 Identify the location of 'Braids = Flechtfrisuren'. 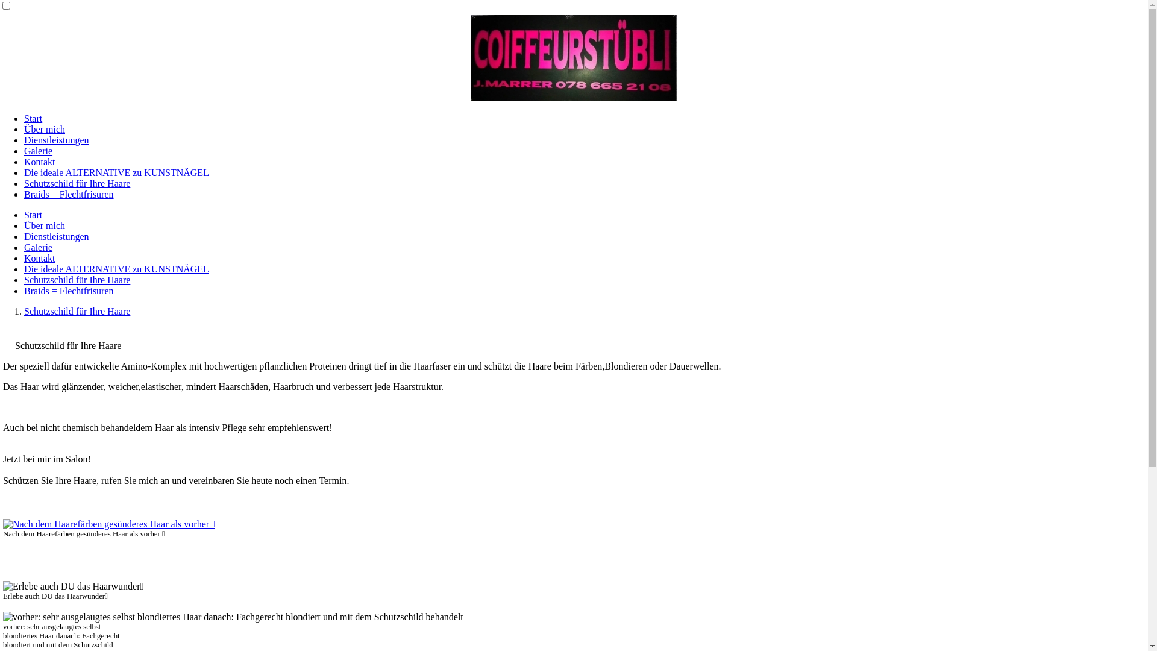
(68, 291).